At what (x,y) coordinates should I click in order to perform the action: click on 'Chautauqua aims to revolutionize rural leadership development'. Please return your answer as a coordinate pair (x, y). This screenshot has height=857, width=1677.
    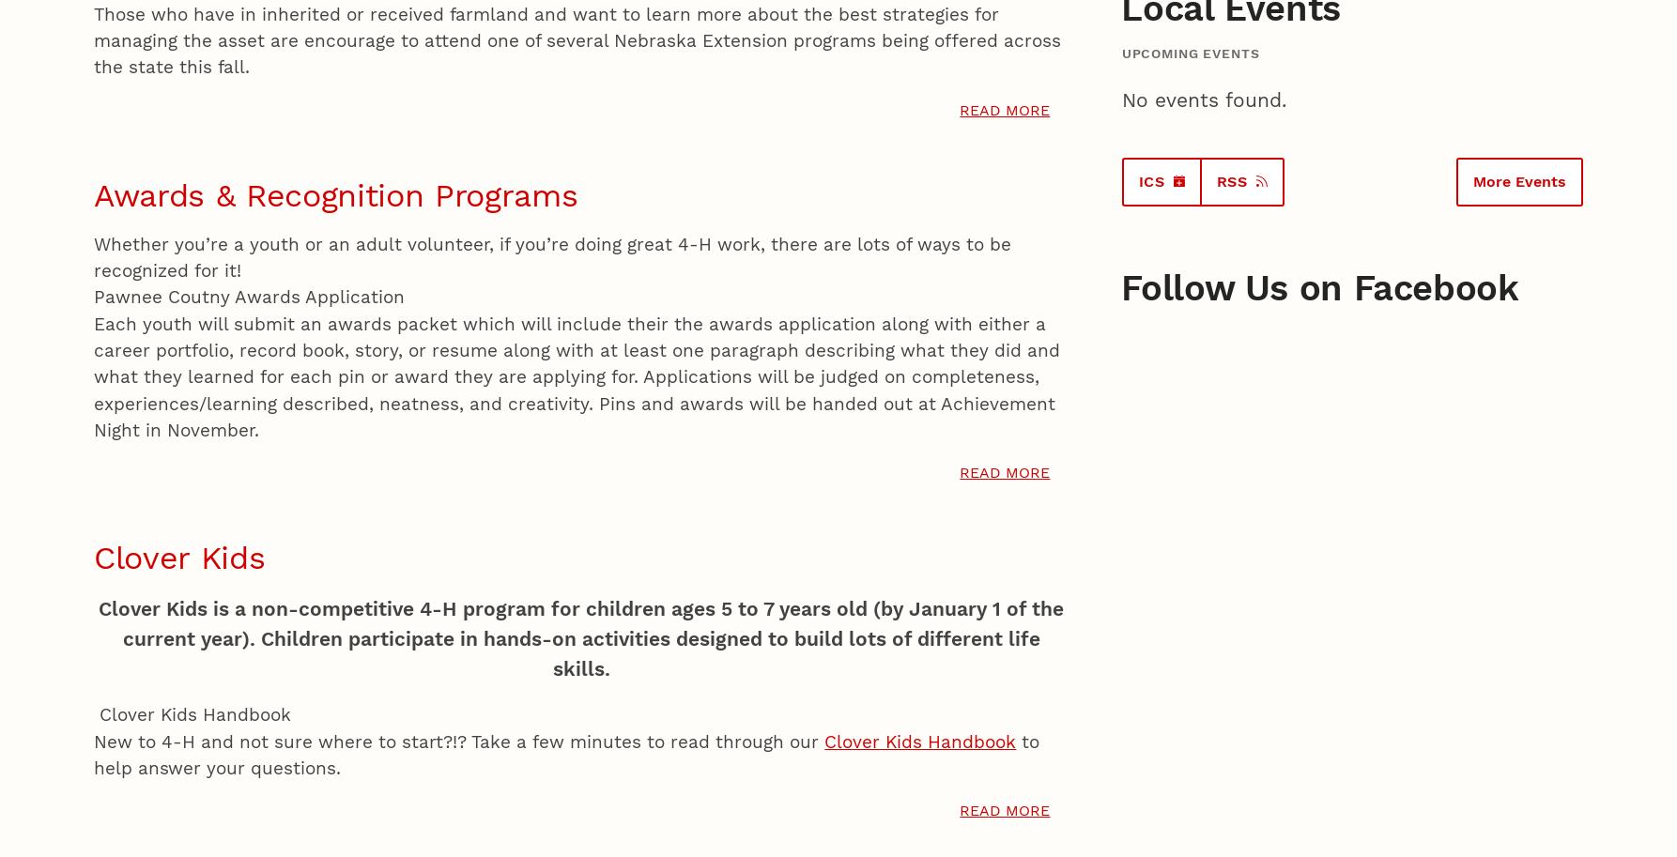
    Looking at the image, I should click on (623, 142).